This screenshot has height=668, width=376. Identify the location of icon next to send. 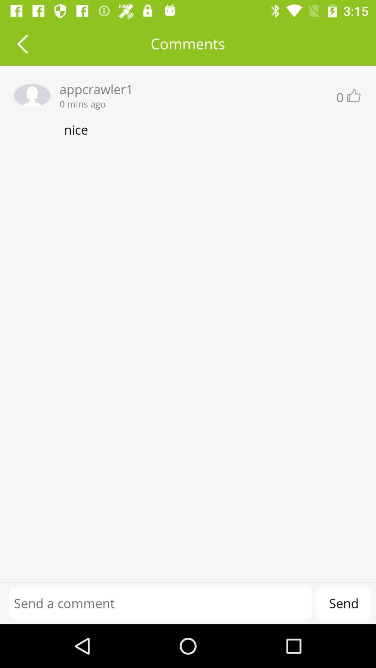
(160, 603).